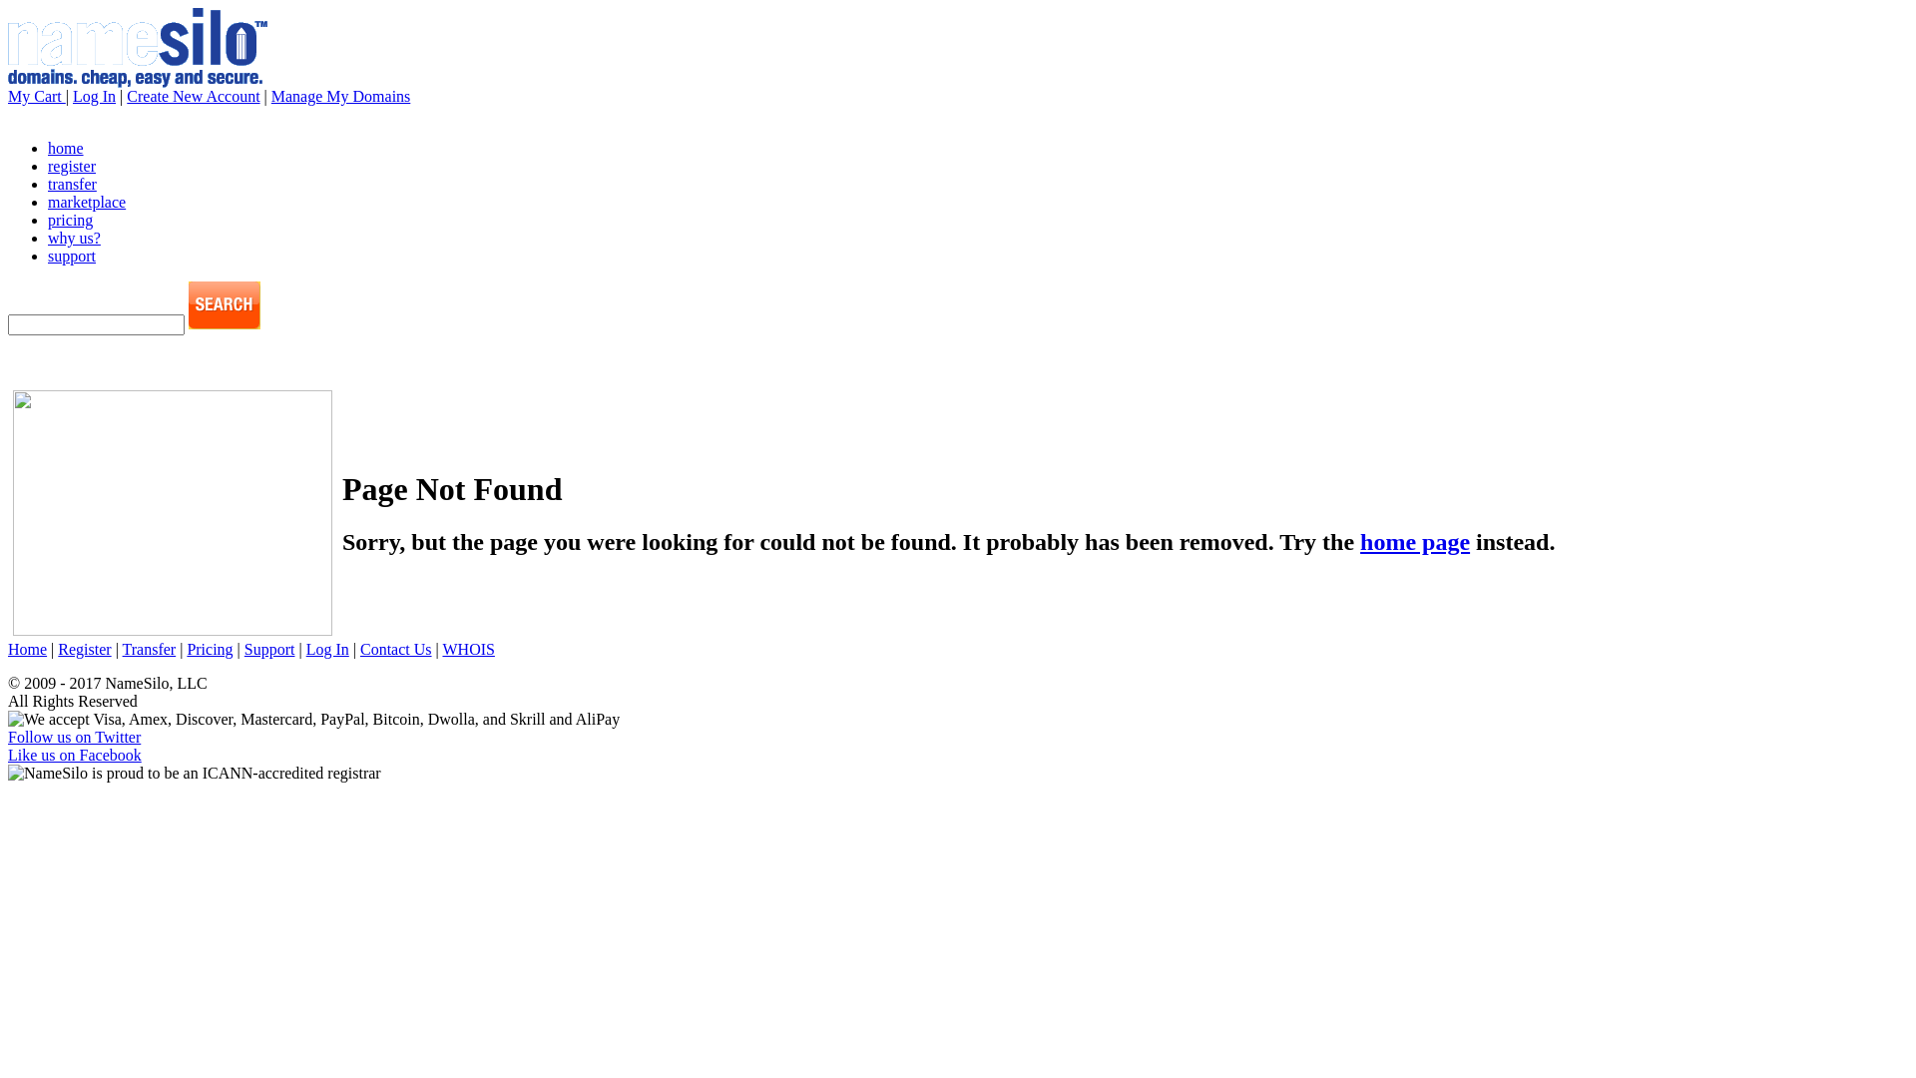 The width and height of the screenshot is (1916, 1078). I want to click on 'support', so click(48, 255).